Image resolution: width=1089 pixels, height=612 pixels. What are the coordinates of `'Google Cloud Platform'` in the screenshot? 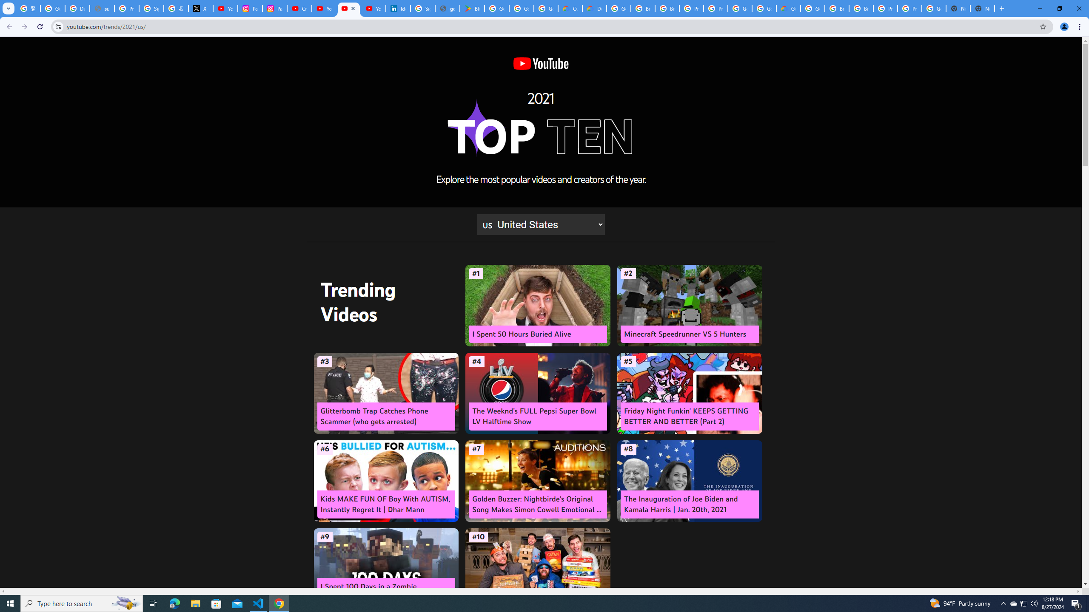 It's located at (813, 8).